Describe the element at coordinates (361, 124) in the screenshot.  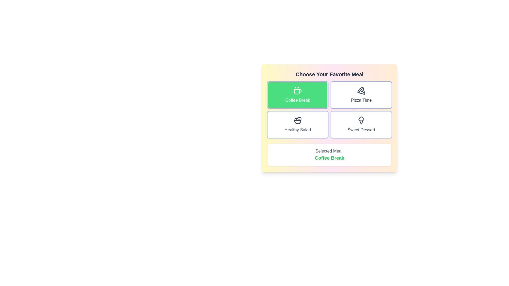
I see `the button corresponding to the meal Sweet Dessert to select it` at that location.